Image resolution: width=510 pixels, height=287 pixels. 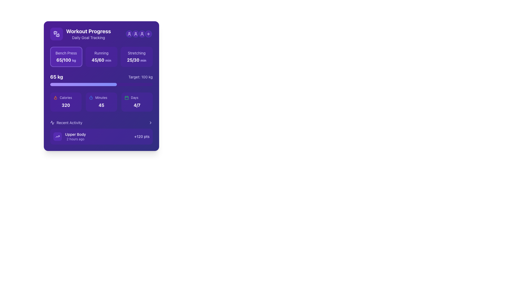 I want to click on the static text element that provides a subtitle for the 'Workout Progress' section, located beneath the 'Workout Progress' heading, so click(x=88, y=37).